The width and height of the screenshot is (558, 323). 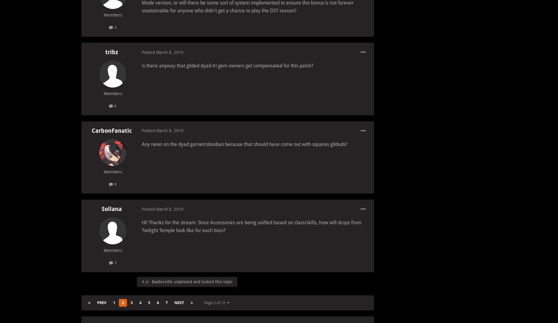 What do you see at coordinates (142, 144) in the screenshot?
I see `'Any news on the dyad garnet/obsidian because that should have come out with squares gildeds?'` at bounding box center [142, 144].